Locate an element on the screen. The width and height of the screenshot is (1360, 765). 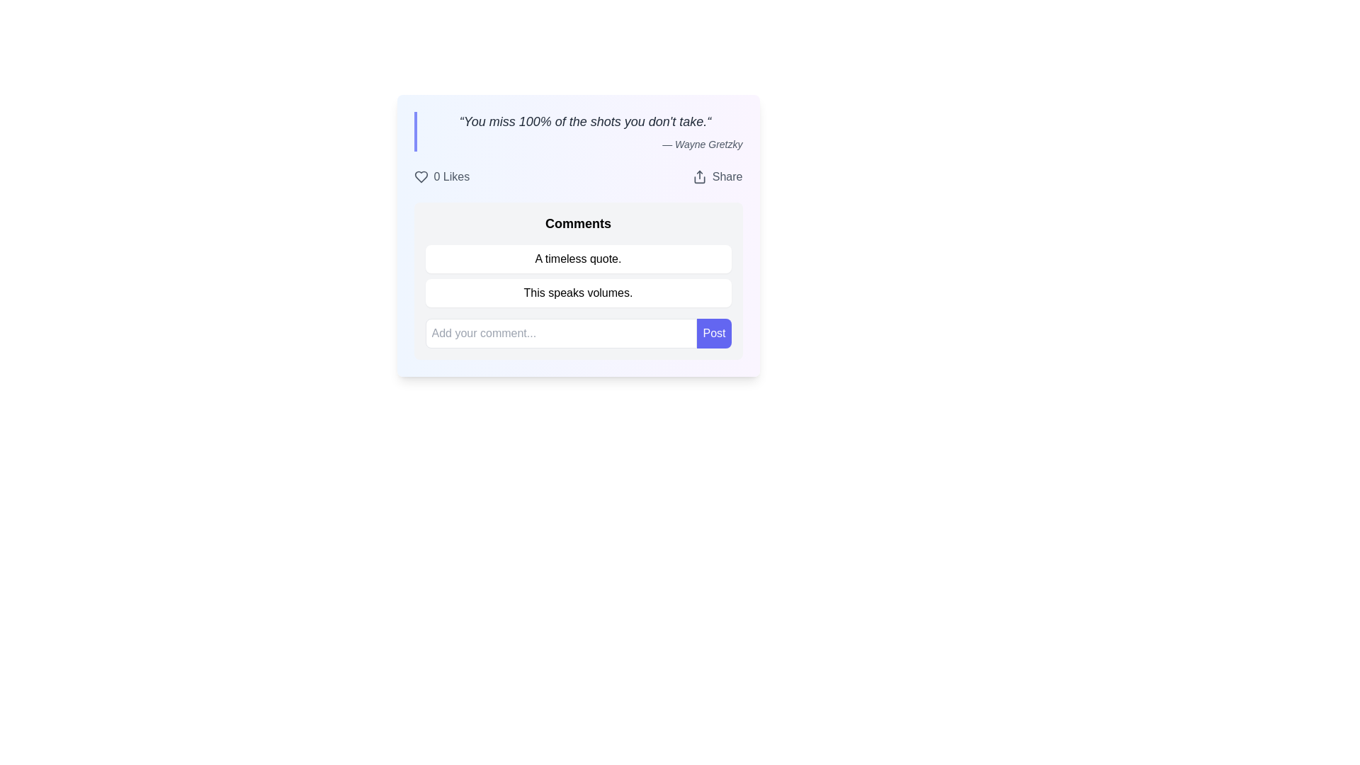
the 'Share' text label, which is styled in medium-dark gray and is located in the top-right section of the active card, following a share icon is located at coordinates (727, 176).